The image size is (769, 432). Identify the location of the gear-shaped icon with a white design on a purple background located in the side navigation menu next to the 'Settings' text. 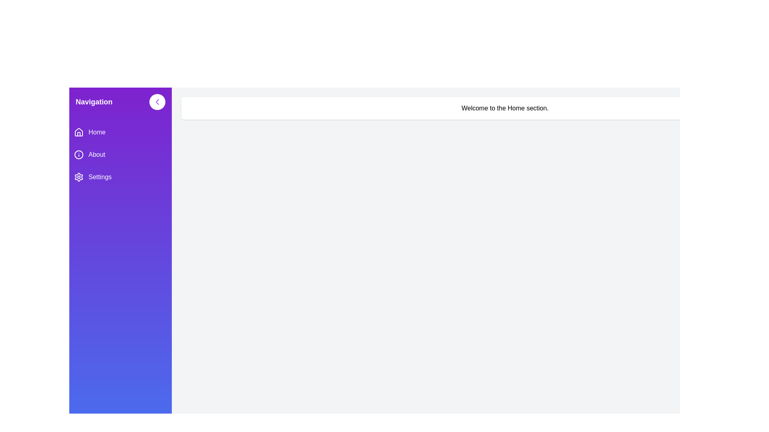
(79, 177).